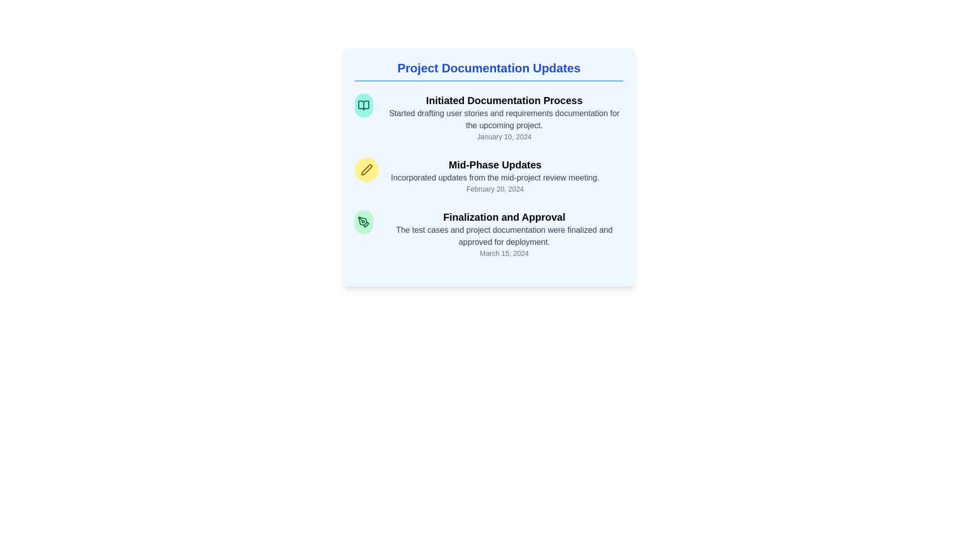 The image size is (966, 543). What do you see at coordinates (495, 189) in the screenshot?
I see `date displayed on the text label located below the 'Mid-Phase Updates' section, which is the third element in a vertical arrangement` at bounding box center [495, 189].